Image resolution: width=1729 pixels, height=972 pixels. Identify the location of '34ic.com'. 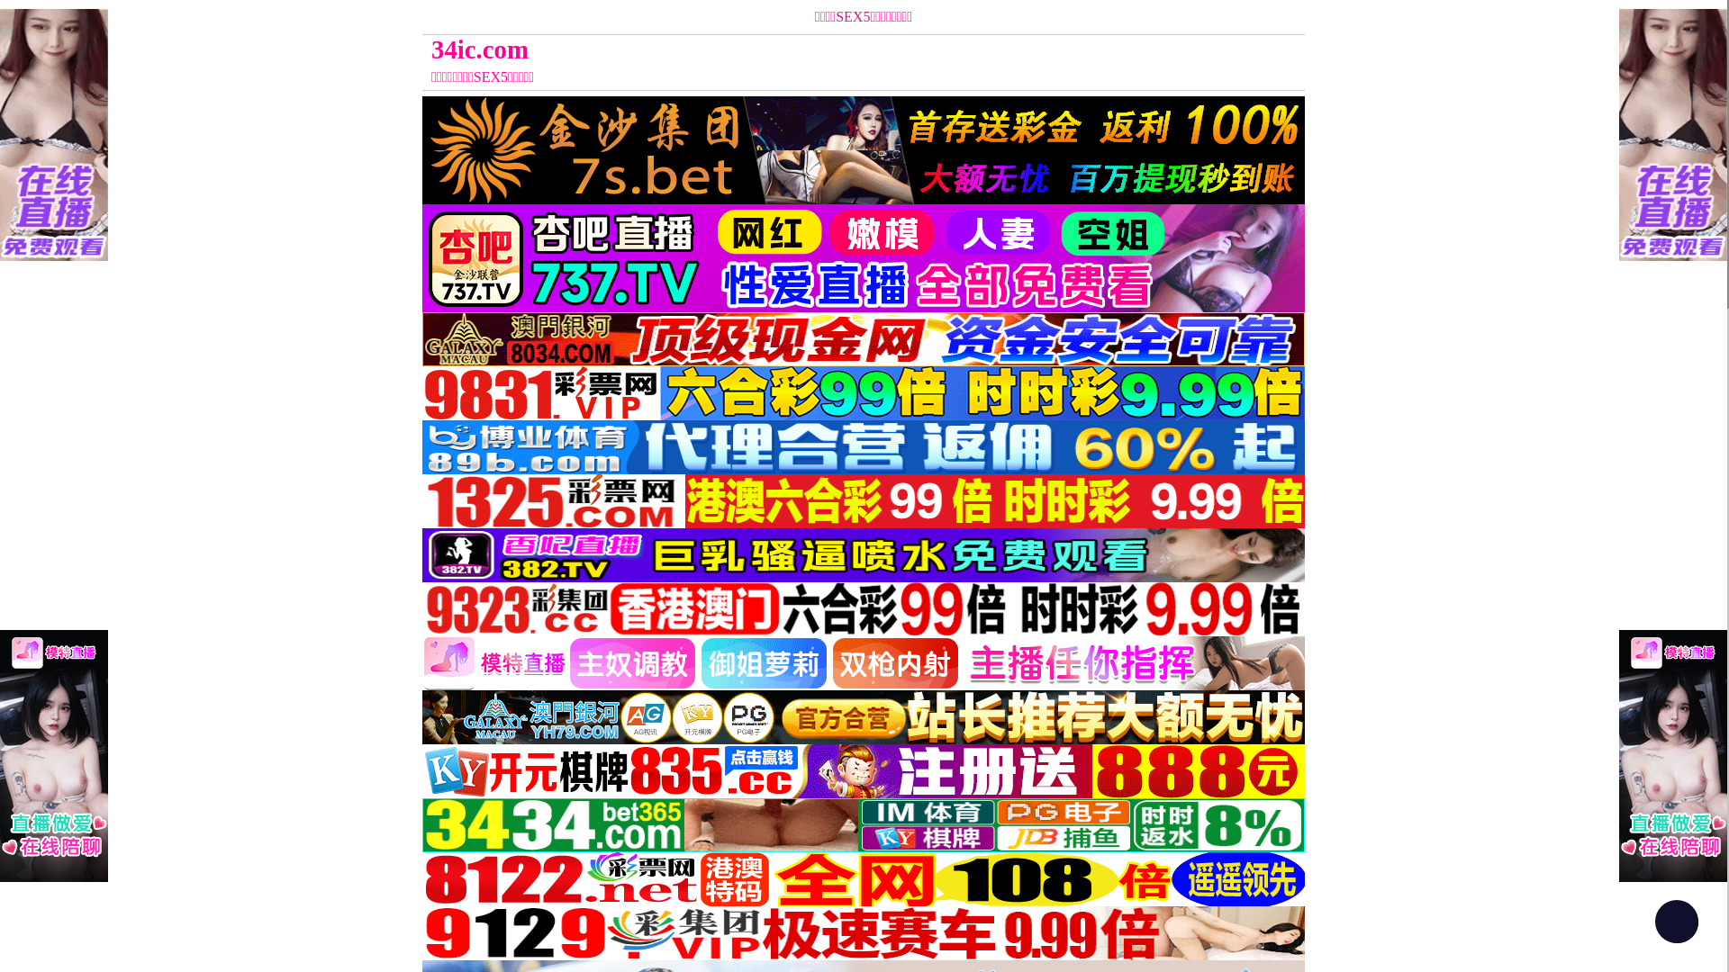
(753, 49).